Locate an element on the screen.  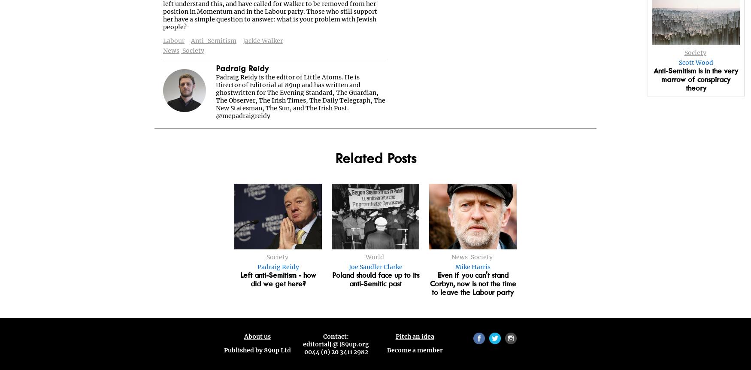
'Anti-Semitism' is located at coordinates (214, 40).